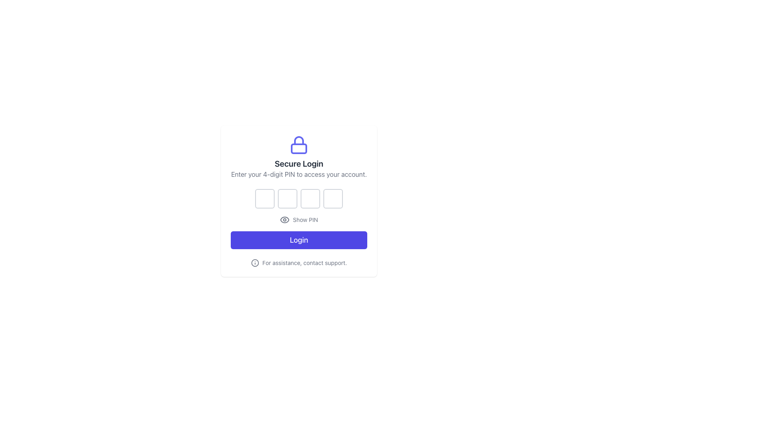 The width and height of the screenshot is (780, 439). What do you see at coordinates (298, 239) in the screenshot?
I see `the submission button for the login operation` at bounding box center [298, 239].